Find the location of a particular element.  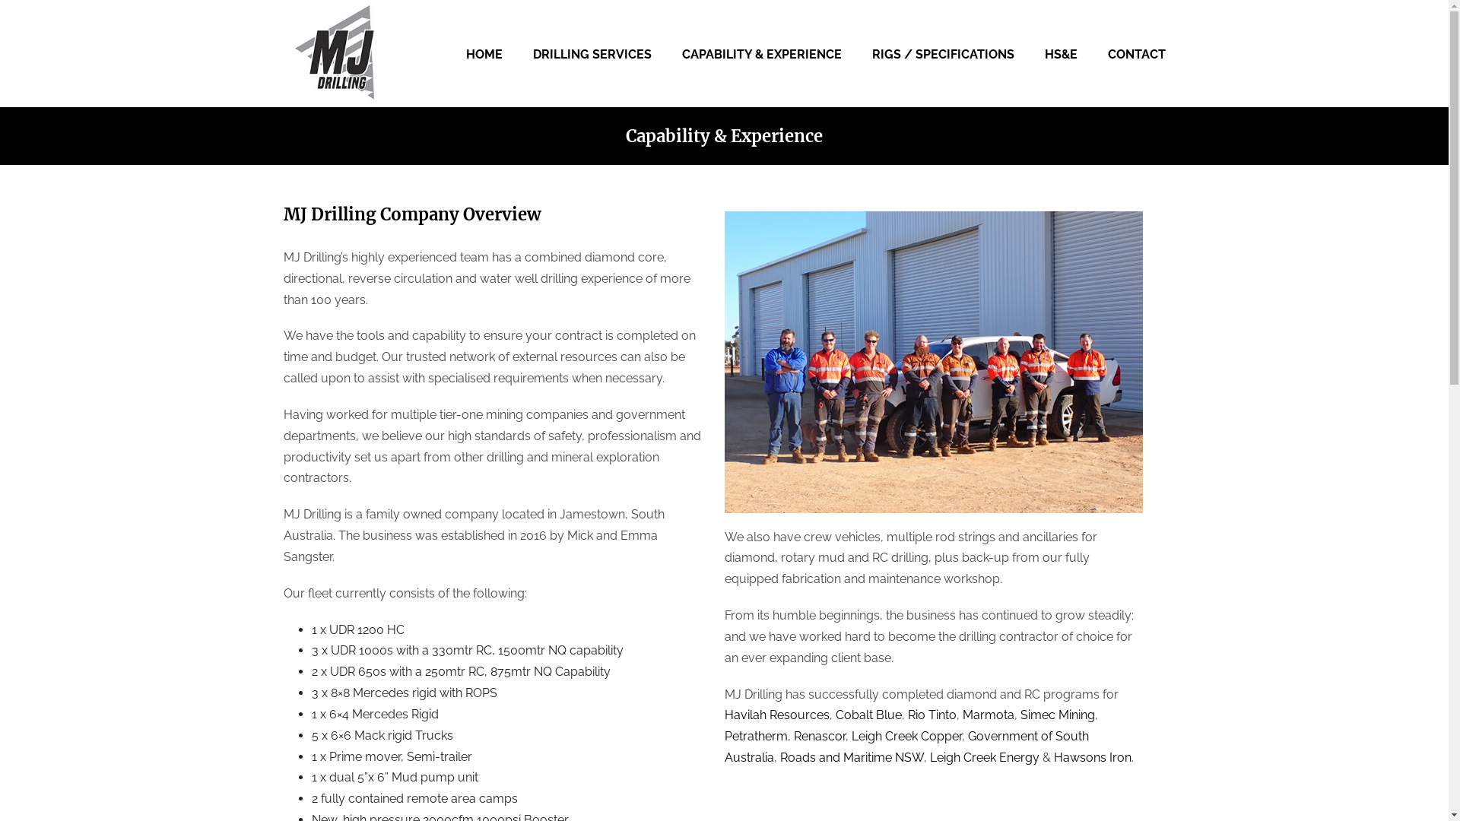

'Roads and Maritime NSW' is located at coordinates (852, 757).